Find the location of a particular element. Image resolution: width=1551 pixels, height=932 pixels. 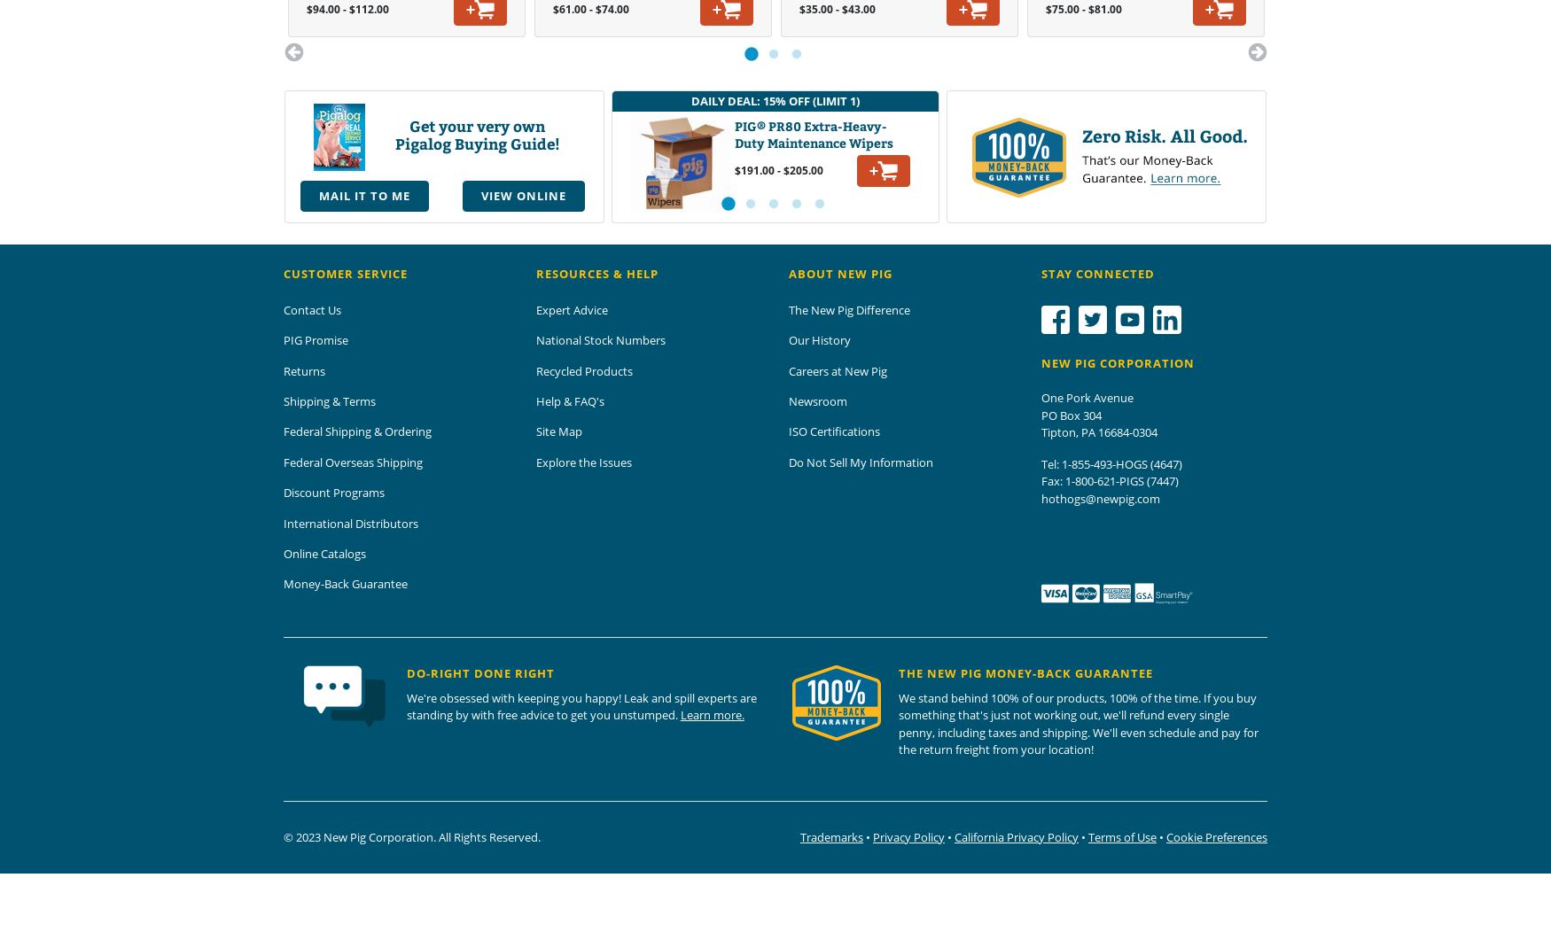

'PIG Promise' is located at coordinates (316, 339).